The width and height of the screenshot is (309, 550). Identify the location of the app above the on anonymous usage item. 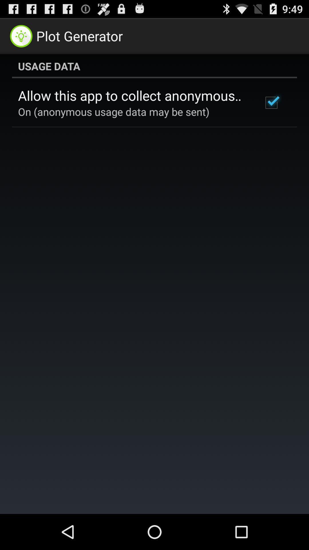
(132, 95).